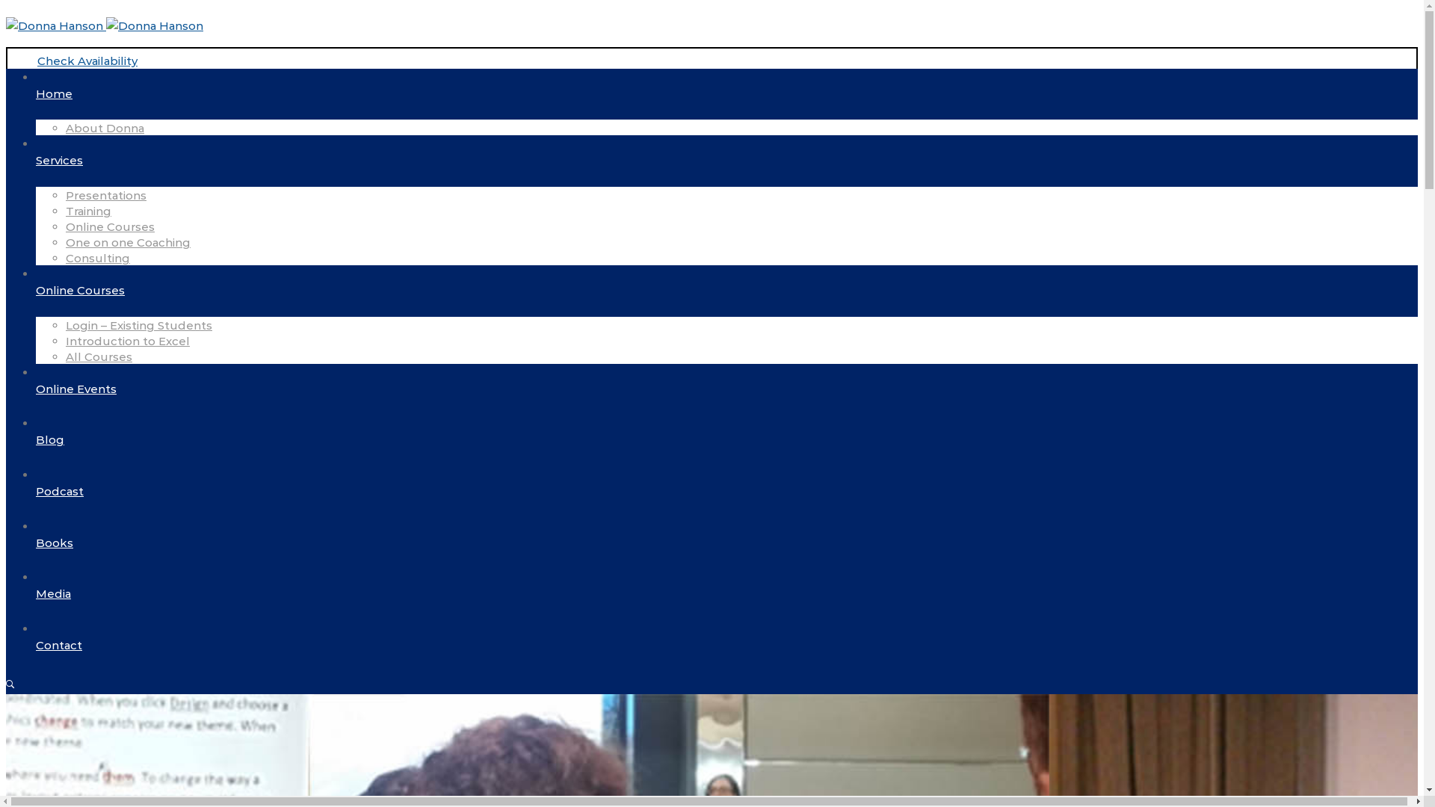 The image size is (1435, 807). What do you see at coordinates (726, 439) in the screenshot?
I see `'Blog'` at bounding box center [726, 439].